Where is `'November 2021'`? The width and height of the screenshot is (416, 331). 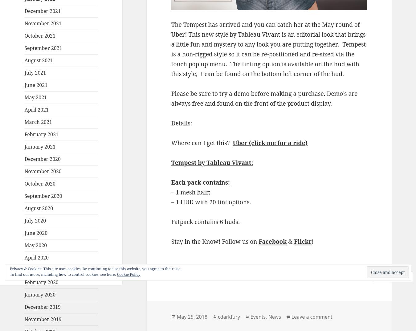 'November 2021' is located at coordinates (43, 23).